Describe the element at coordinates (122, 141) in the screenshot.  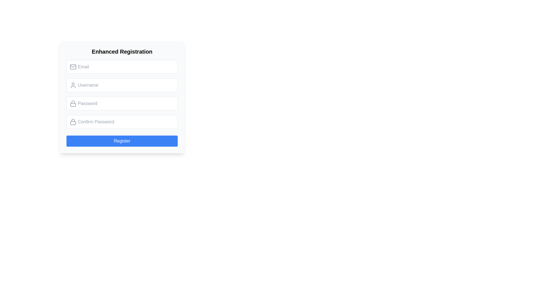
I see `the submission button located at the bottom of the 'Enhanced Registration' card` at that location.